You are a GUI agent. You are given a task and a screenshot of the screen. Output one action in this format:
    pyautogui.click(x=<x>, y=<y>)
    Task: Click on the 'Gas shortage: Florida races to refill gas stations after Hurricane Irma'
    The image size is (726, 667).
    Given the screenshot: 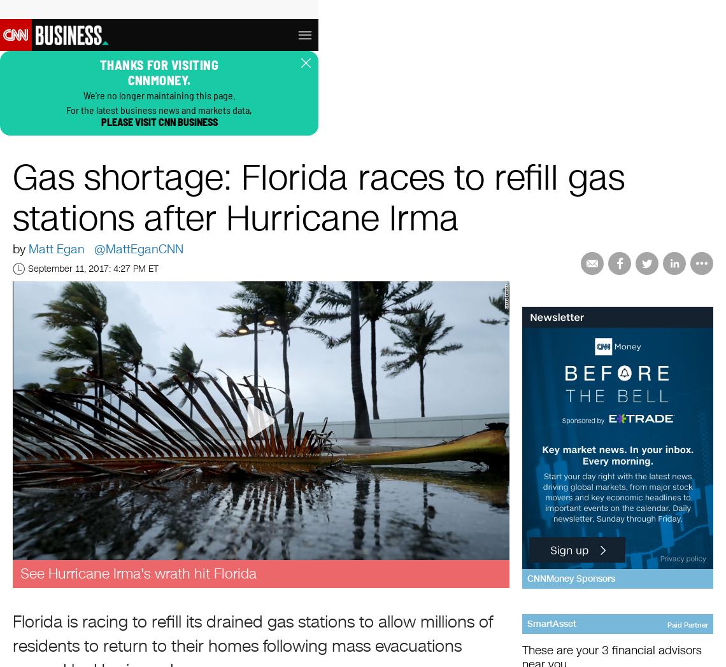 What is the action you would take?
    pyautogui.click(x=318, y=199)
    